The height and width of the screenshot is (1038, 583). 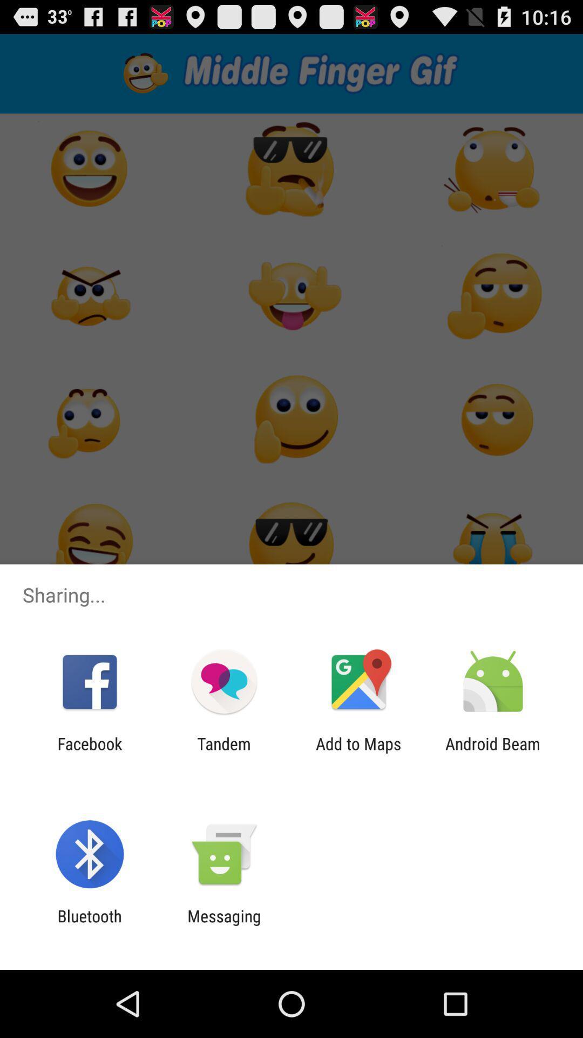 What do you see at coordinates (89, 925) in the screenshot?
I see `the bluetooth icon` at bounding box center [89, 925].